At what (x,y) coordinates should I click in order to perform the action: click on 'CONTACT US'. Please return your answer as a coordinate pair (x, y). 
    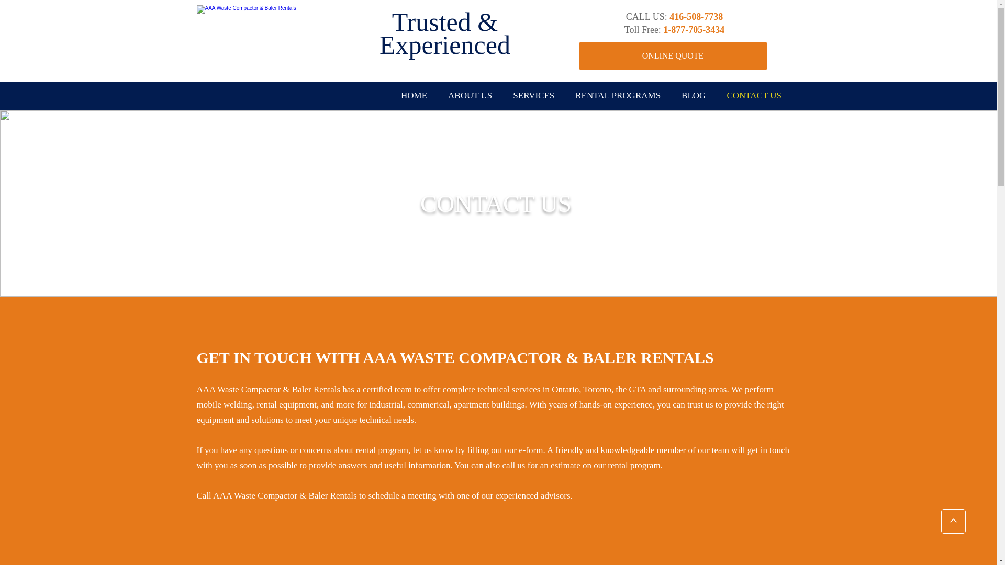
    Looking at the image, I should click on (754, 96).